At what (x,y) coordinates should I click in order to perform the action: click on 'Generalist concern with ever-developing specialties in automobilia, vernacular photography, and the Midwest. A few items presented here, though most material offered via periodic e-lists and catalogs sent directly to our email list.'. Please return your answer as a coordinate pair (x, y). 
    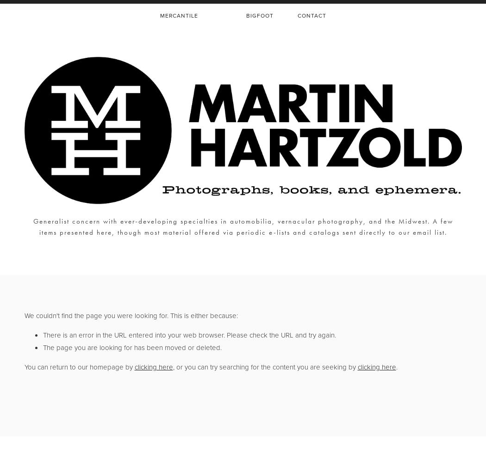
    Looking at the image, I should click on (242, 226).